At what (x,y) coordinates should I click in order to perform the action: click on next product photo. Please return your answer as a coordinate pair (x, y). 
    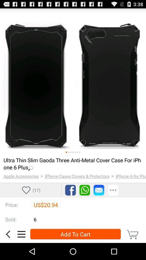
    Looking at the image, I should click on (68, 152).